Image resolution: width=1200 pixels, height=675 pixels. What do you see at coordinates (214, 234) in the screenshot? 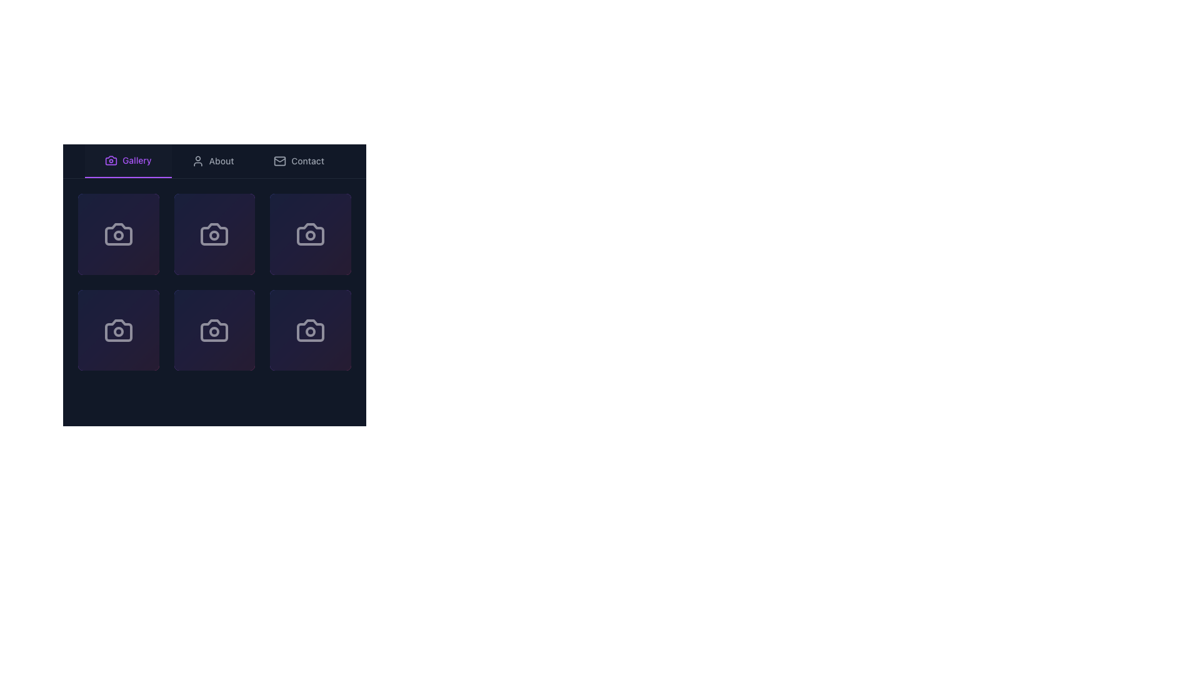
I see `the interactive tile located in the second column of the first row, which is associated with camera-related actions` at bounding box center [214, 234].